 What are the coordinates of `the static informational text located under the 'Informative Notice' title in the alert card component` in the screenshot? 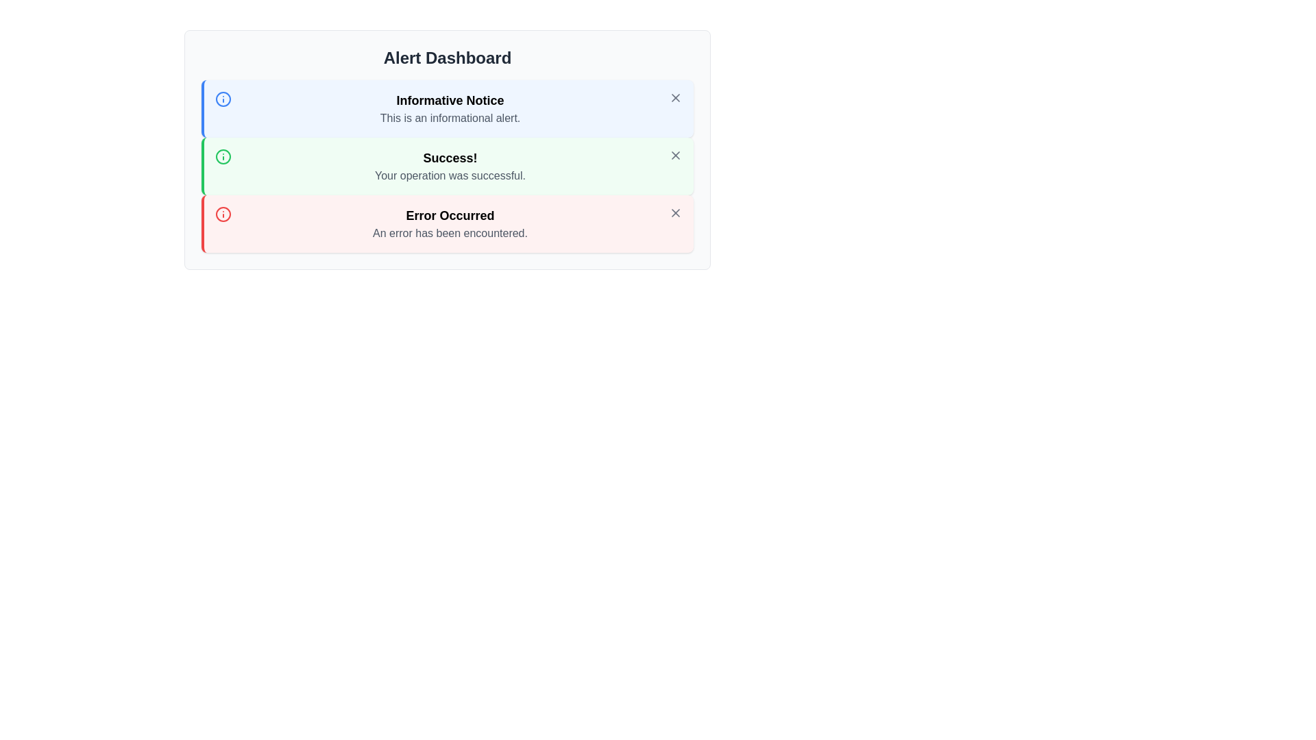 It's located at (450, 118).